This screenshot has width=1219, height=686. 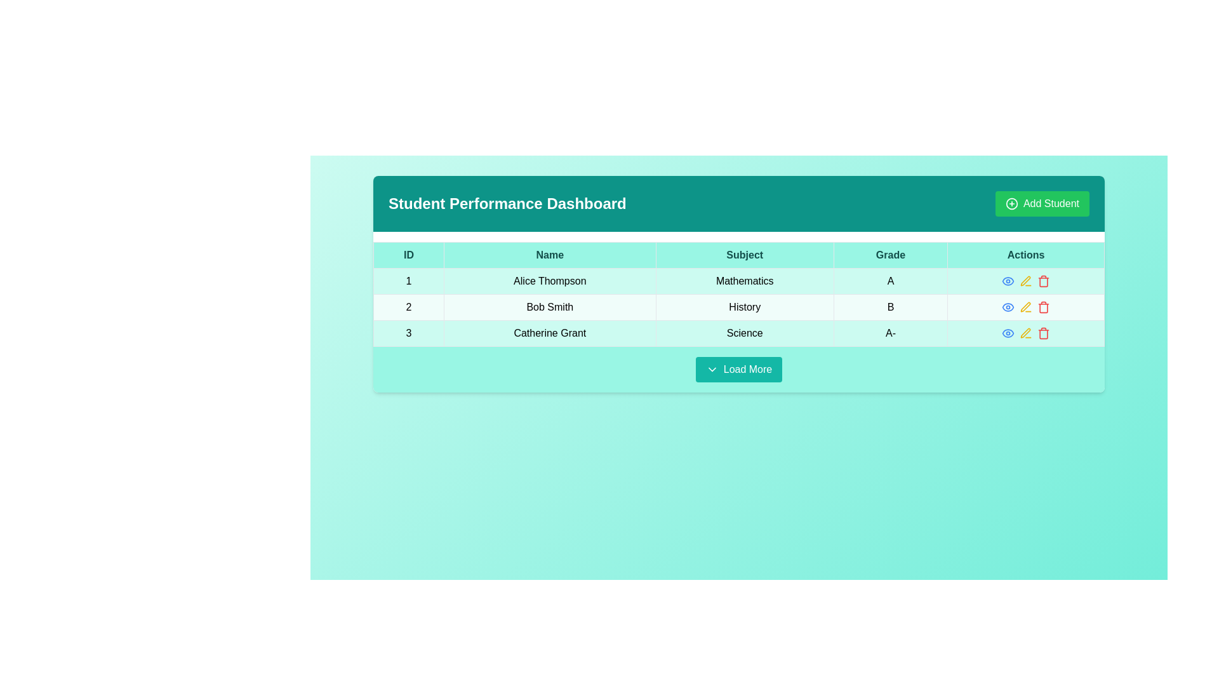 I want to click on the clickable icon in the 'Actions' column of the student data table for student 'Catherine Grant', so click(x=1008, y=332).